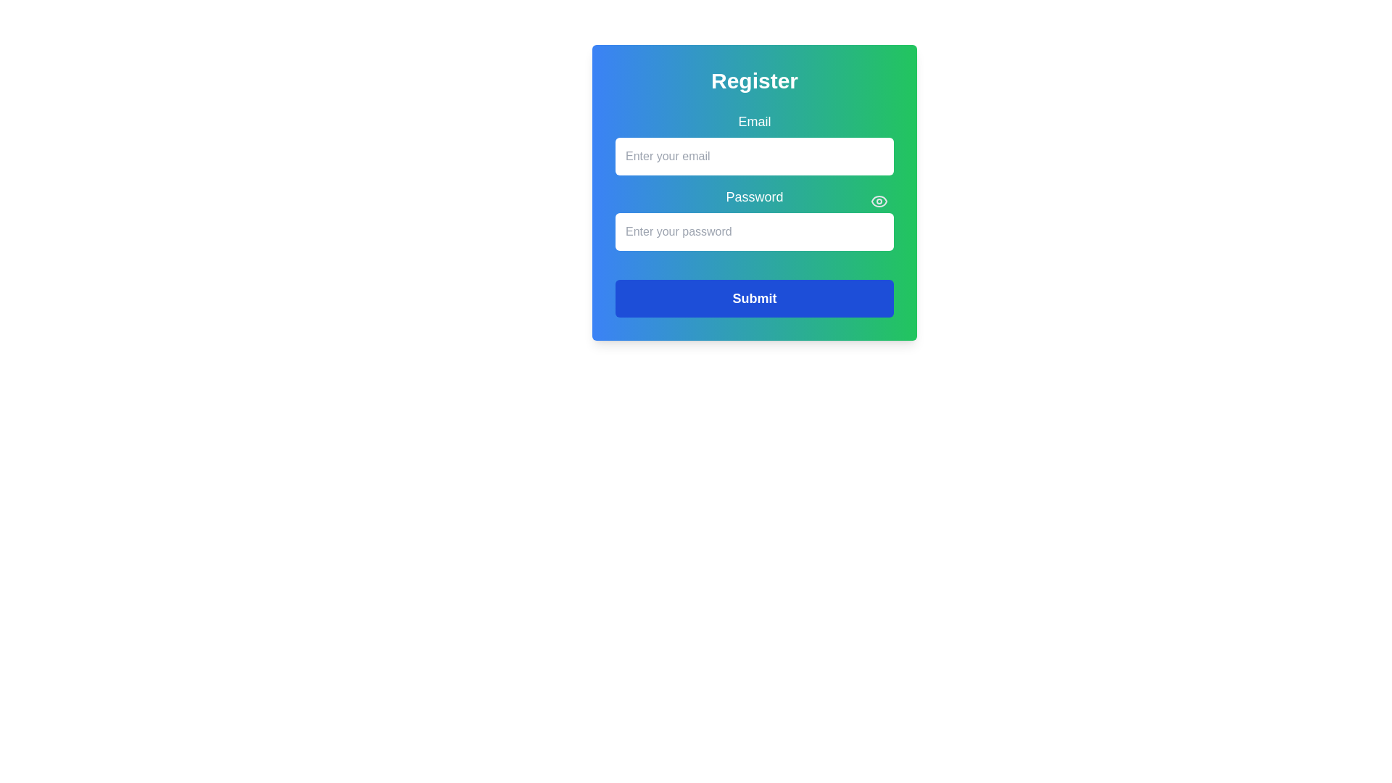  I want to click on the eye icon used to toggle password visibility in the registration form, so click(879, 201).